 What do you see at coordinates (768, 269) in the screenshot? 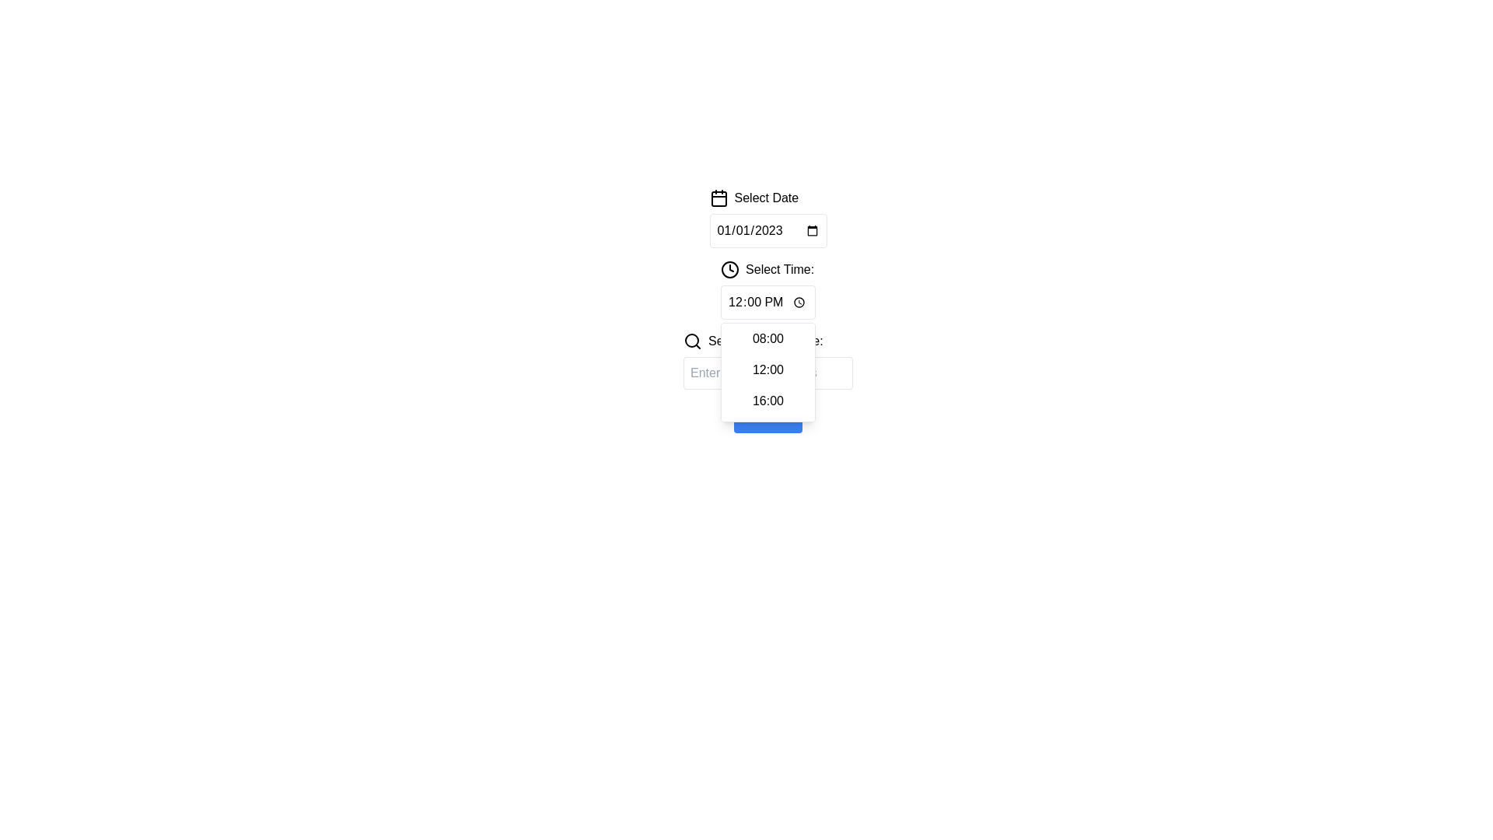
I see `the static text label 'Select Time:' with the accompanying clock icon, which is located below the 'Select Date' label and above the time options dropdown` at bounding box center [768, 269].